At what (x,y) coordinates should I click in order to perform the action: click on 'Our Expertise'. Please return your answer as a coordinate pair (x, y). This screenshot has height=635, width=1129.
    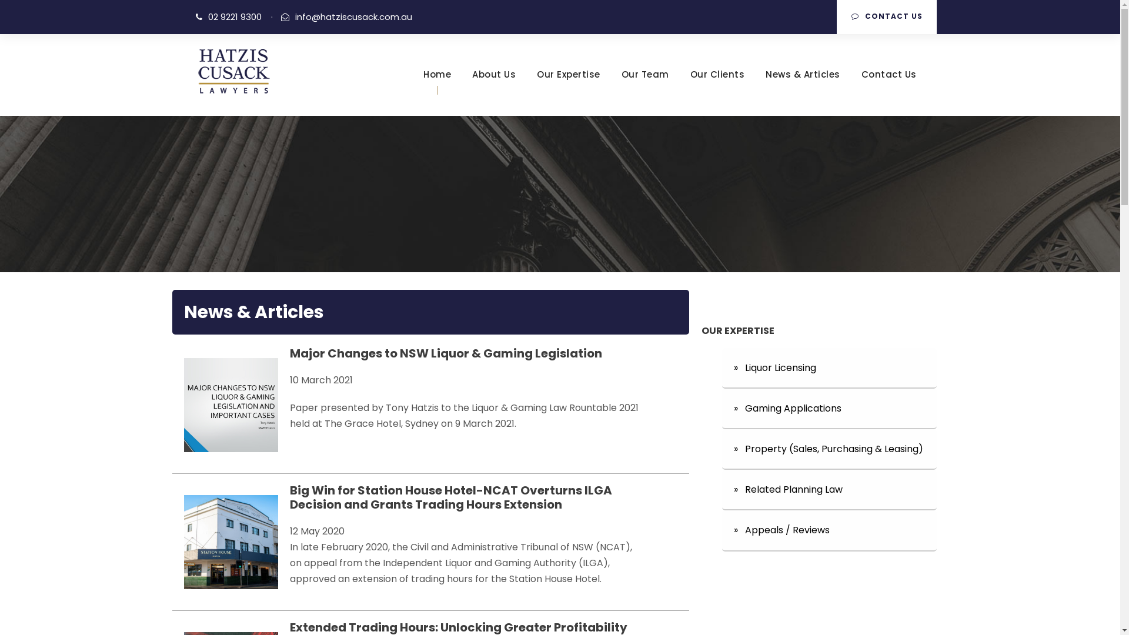
    Looking at the image, I should click on (568, 91).